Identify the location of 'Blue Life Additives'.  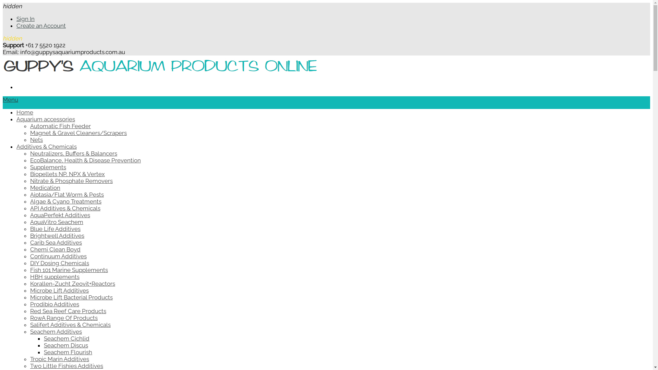
(55, 229).